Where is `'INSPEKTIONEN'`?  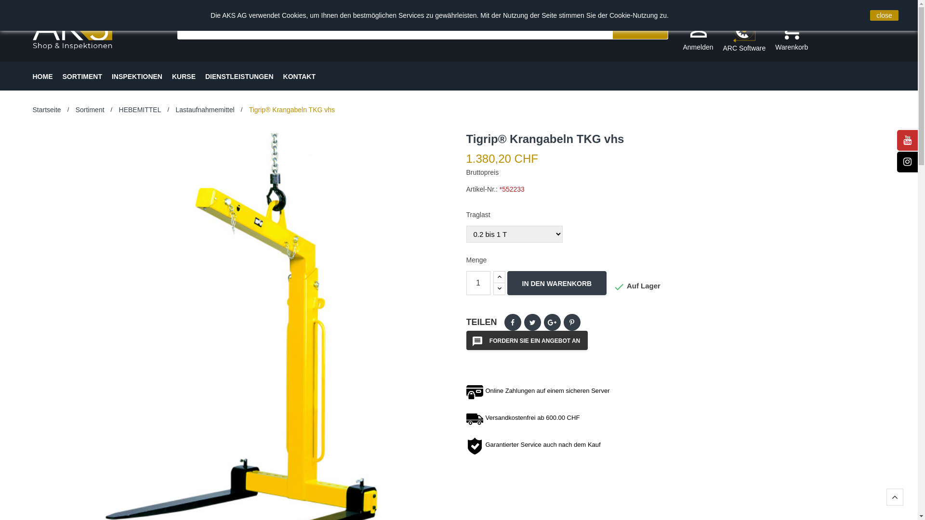 'INSPEKTIONEN' is located at coordinates (136, 76).